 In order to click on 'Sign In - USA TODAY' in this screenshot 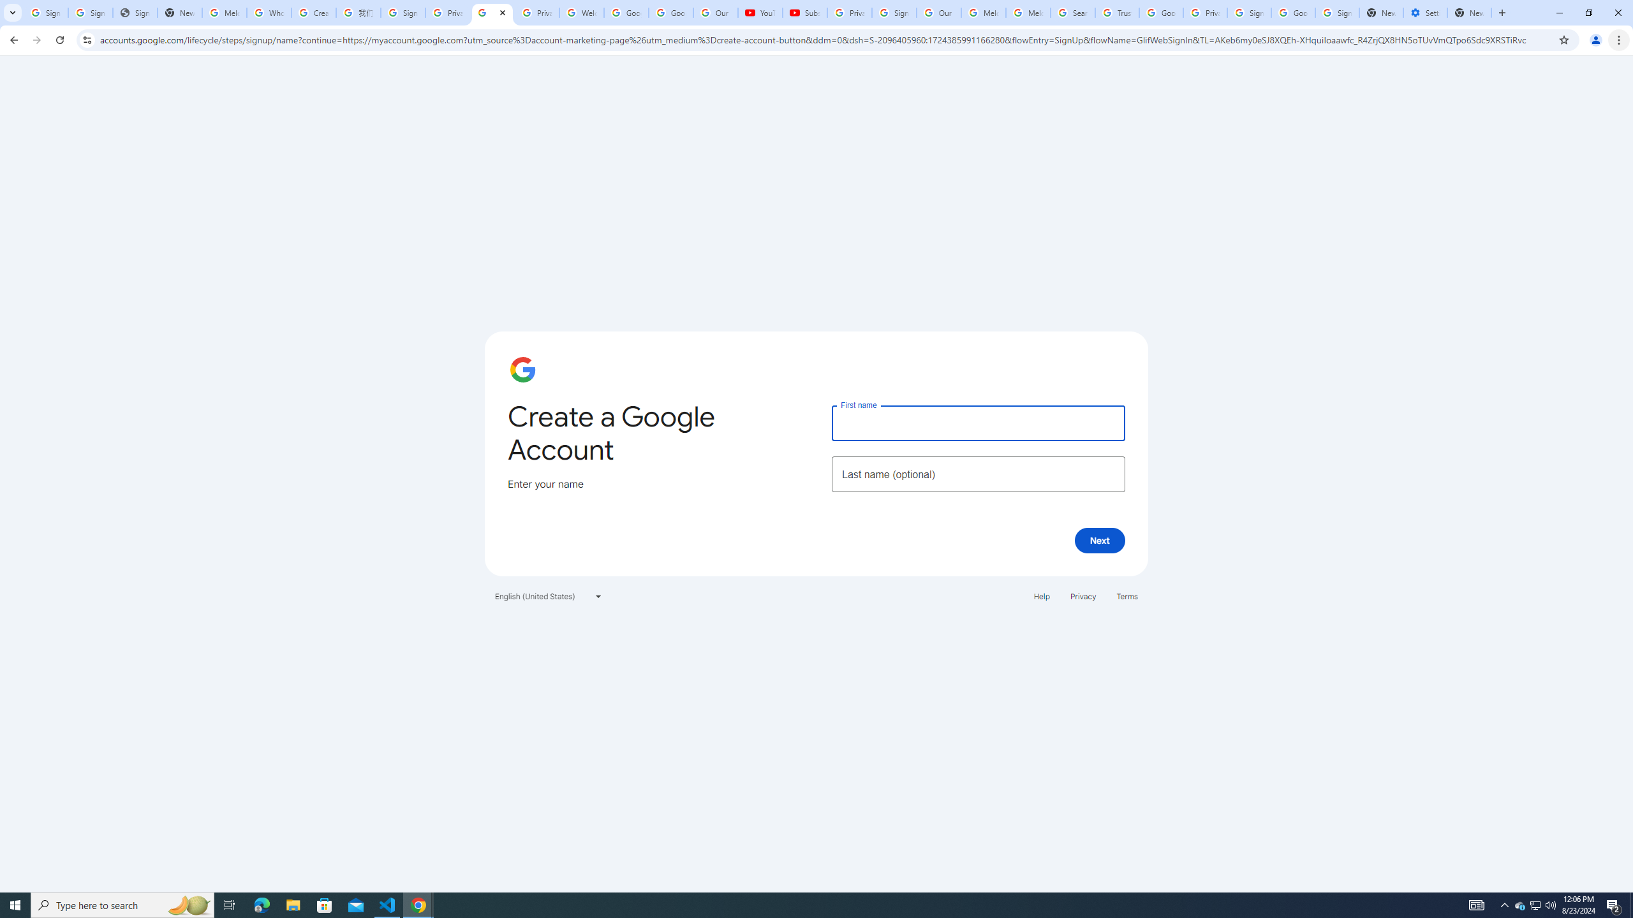, I will do `click(135, 12)`.